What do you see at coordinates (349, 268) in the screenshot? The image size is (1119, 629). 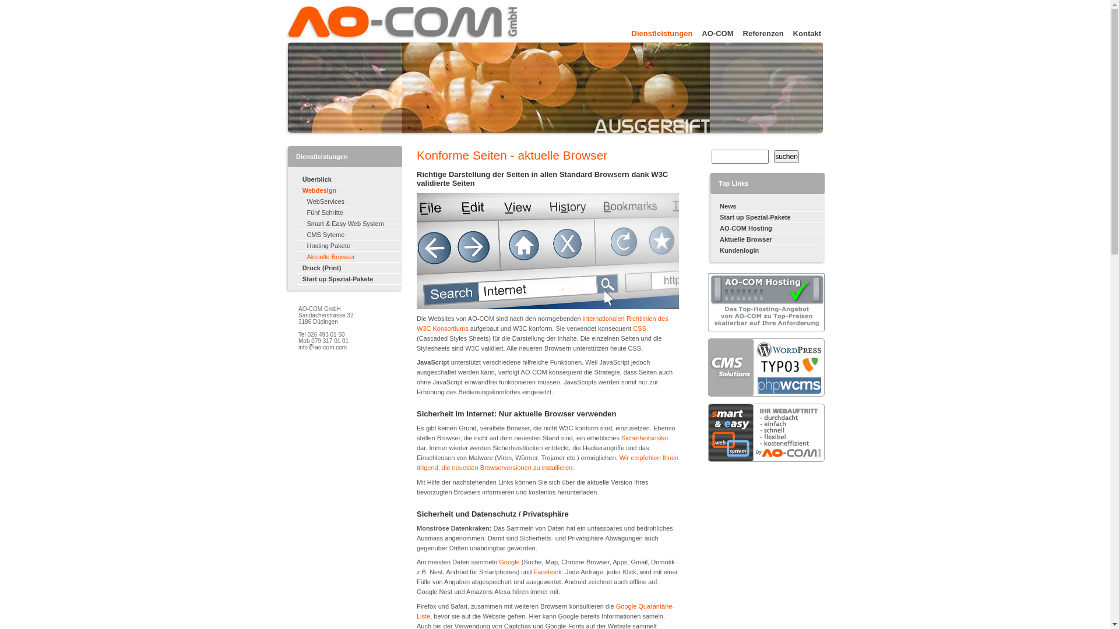 I see `'Druck (Print)'` at bounding box center [349, 268].